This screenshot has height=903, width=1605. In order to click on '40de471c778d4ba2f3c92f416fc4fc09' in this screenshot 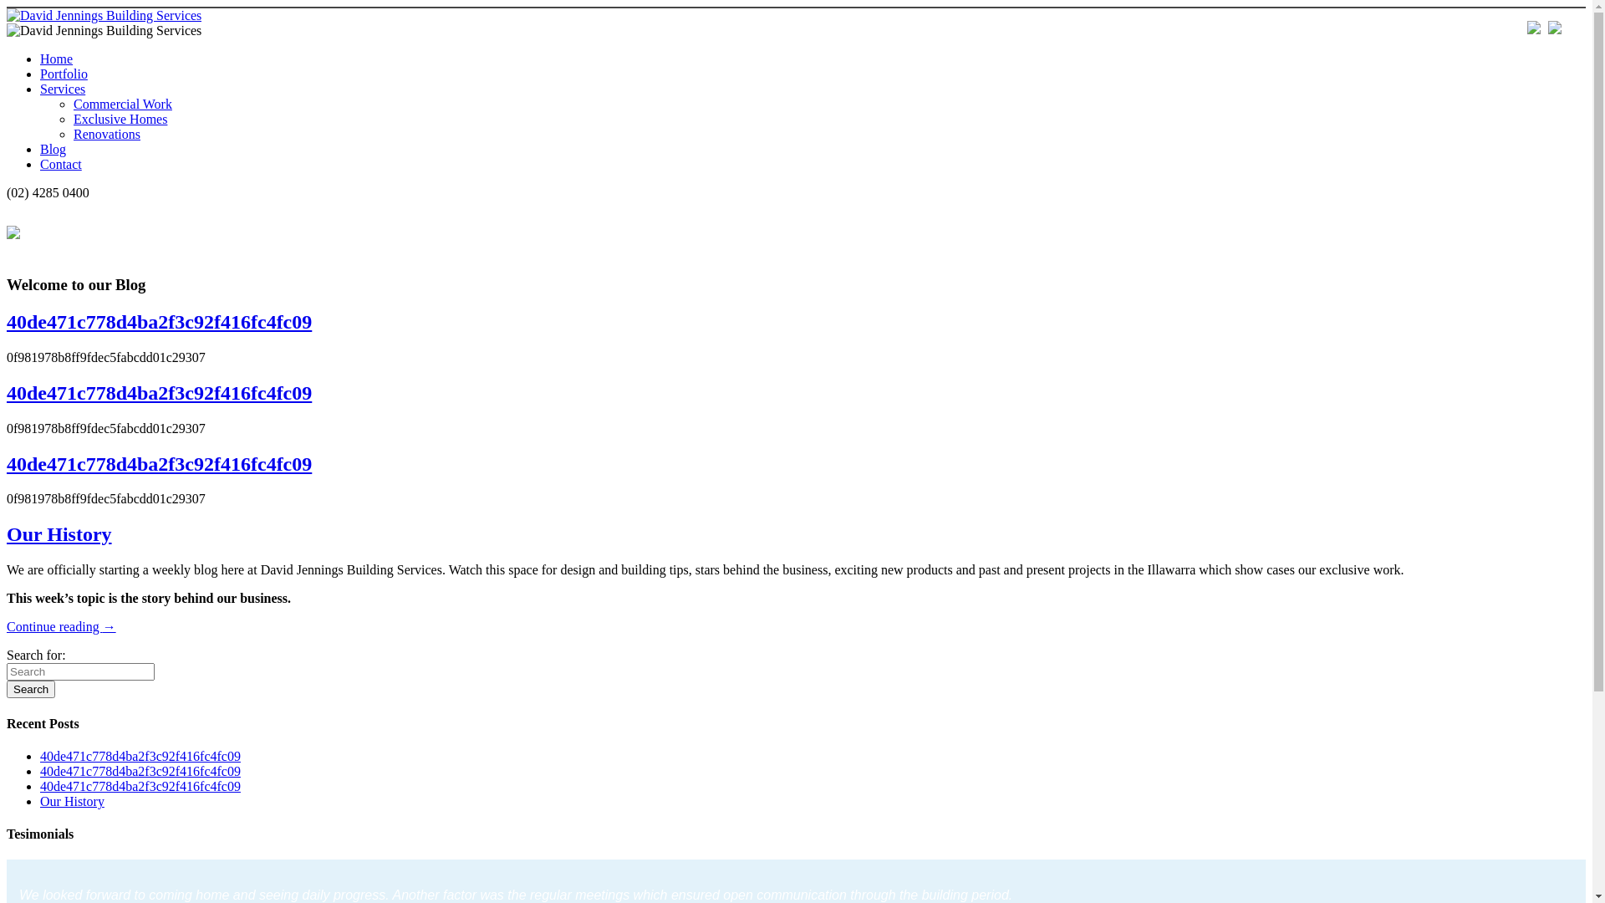, I will do `click(40, 786)`.